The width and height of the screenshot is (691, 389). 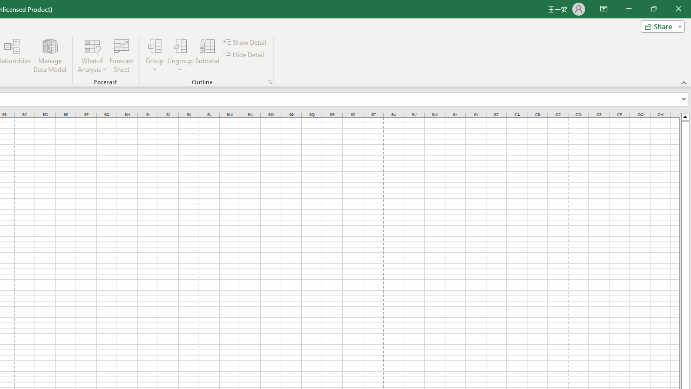 What do you see at coordinates (678, 9) in the screenshot?
I see `'Close'` at bounding box center [678, 9].